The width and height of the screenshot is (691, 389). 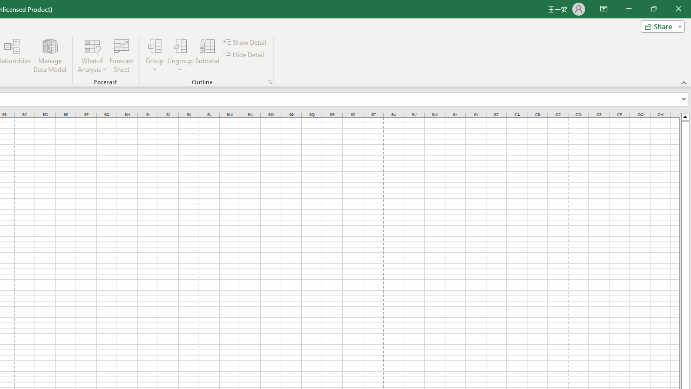 What do you see at coordinates (678, 9) in the screenshot?
I see `'Close'` at bounding box center [678, 9].